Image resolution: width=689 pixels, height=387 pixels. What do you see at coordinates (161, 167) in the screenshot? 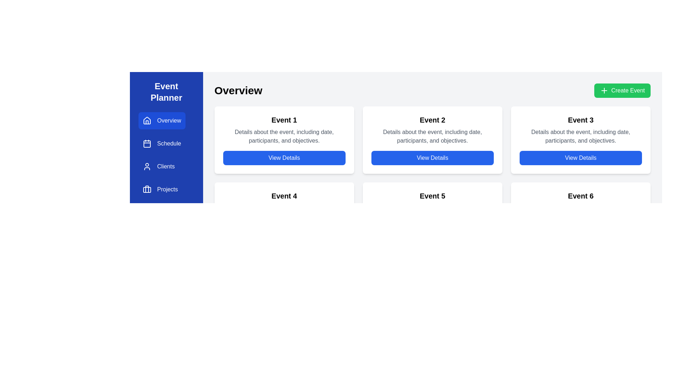
I see `the navigation button located in the sidebar menu, which is the third item from the top` at bounding box center [161, 167].